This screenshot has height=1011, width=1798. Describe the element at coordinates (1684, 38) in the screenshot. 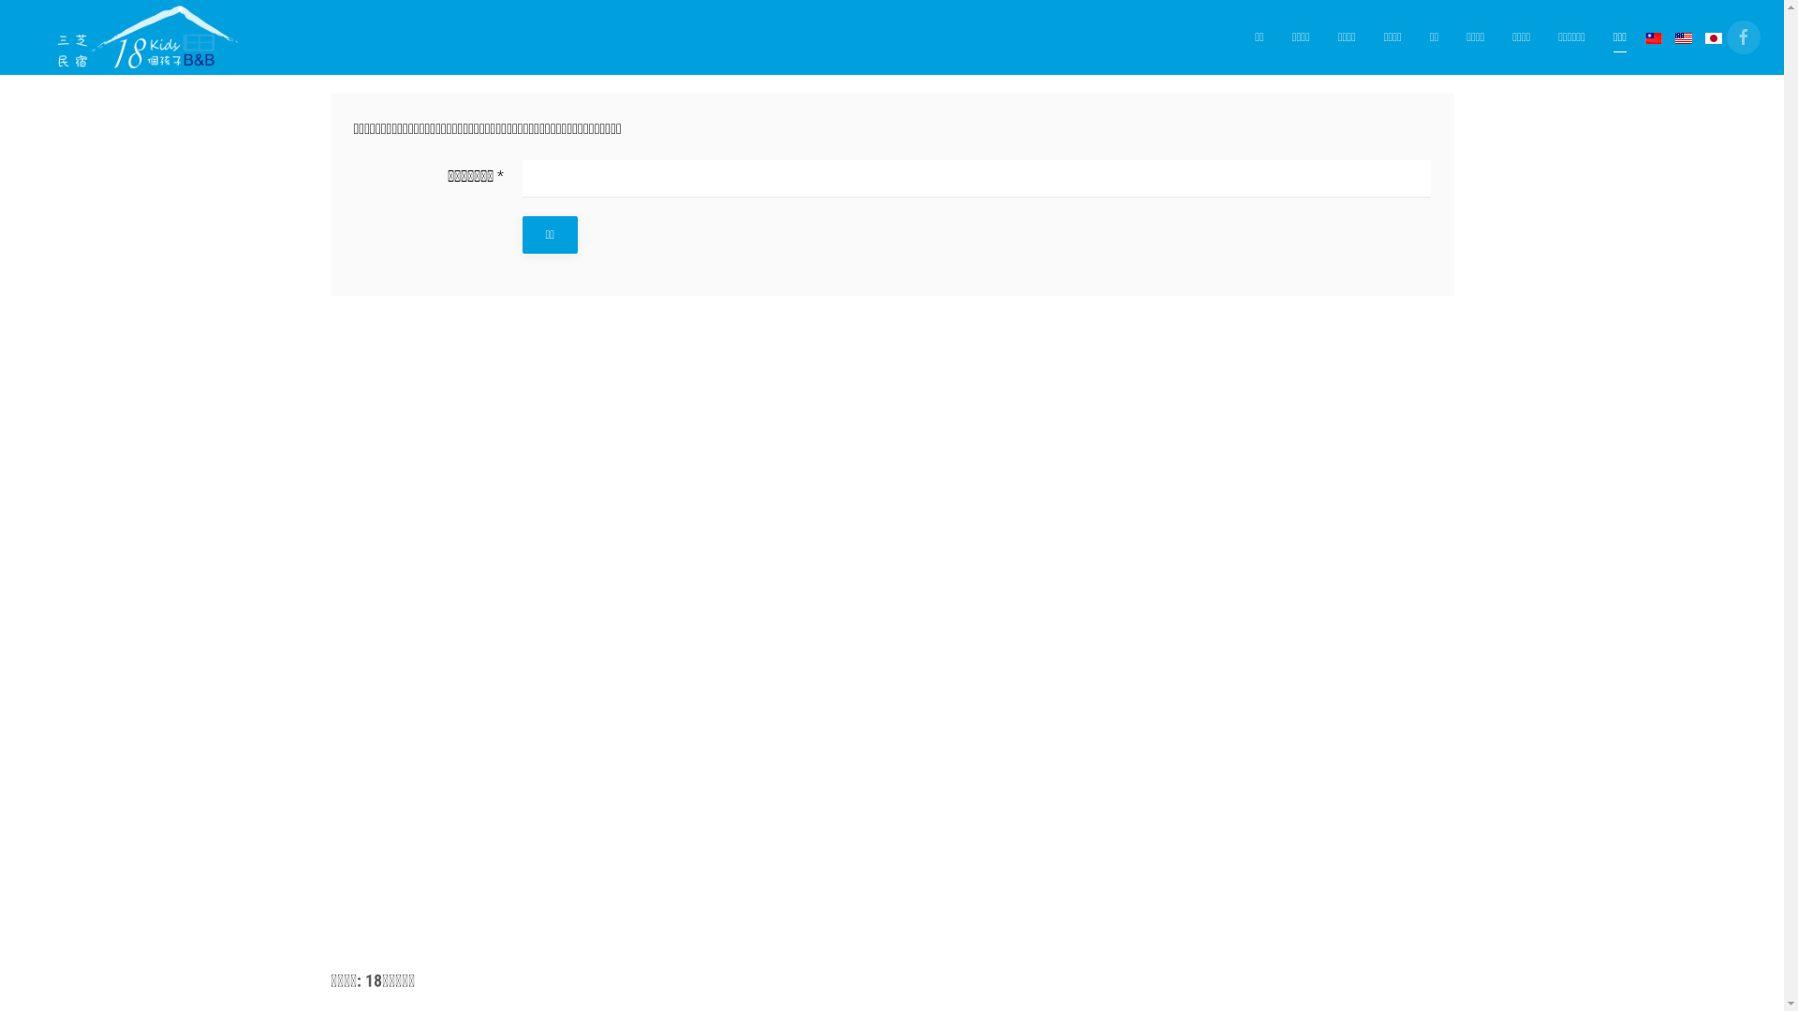

I see `'English (USA)'` at that location.